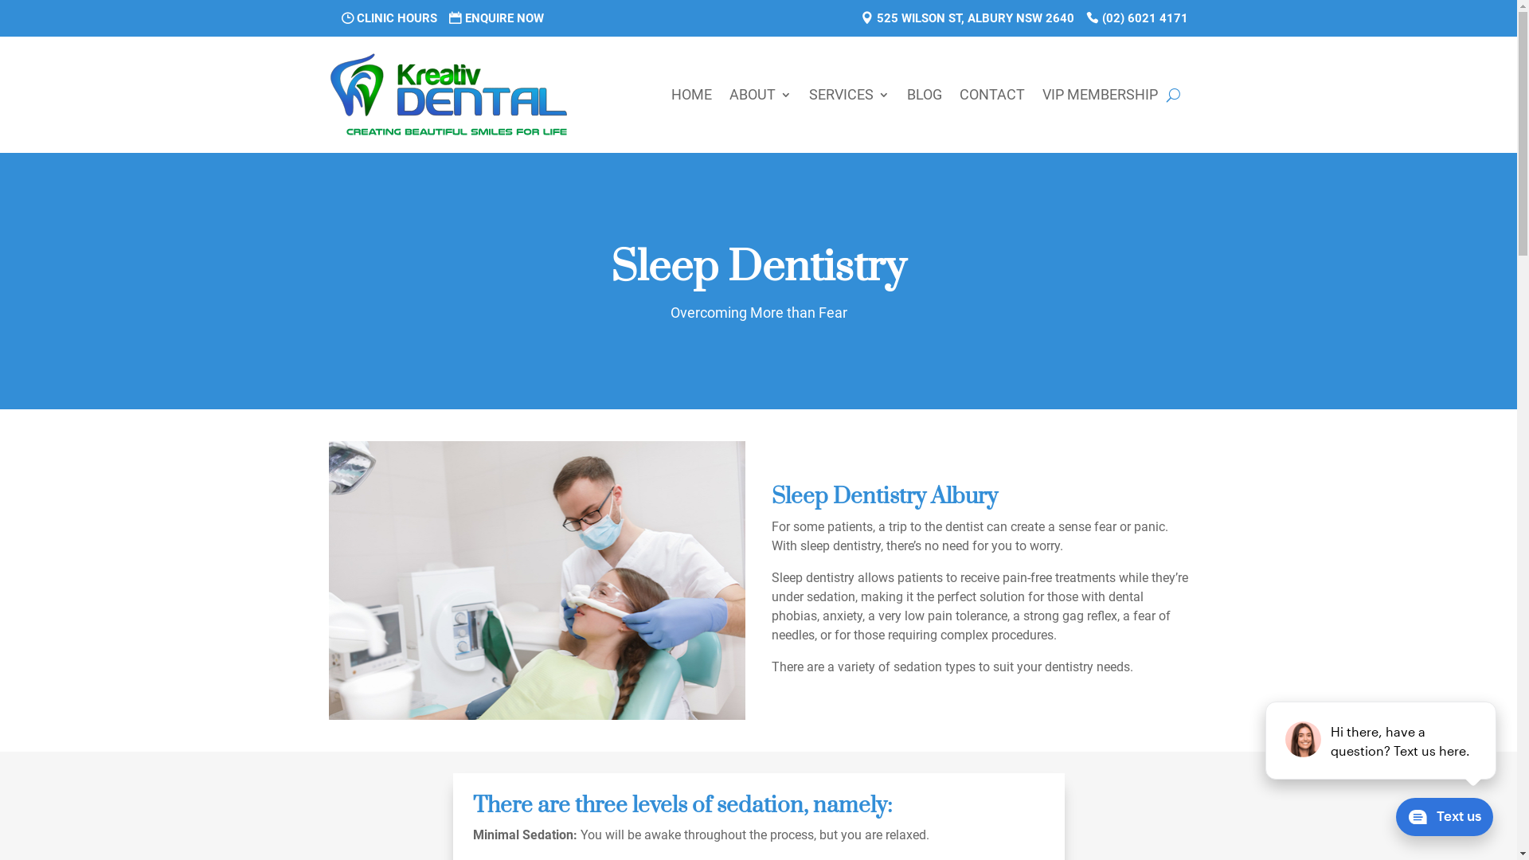  Describe the element at coordinates (990, 95) in the screenshot. I see `'CONTACT'` at that location.